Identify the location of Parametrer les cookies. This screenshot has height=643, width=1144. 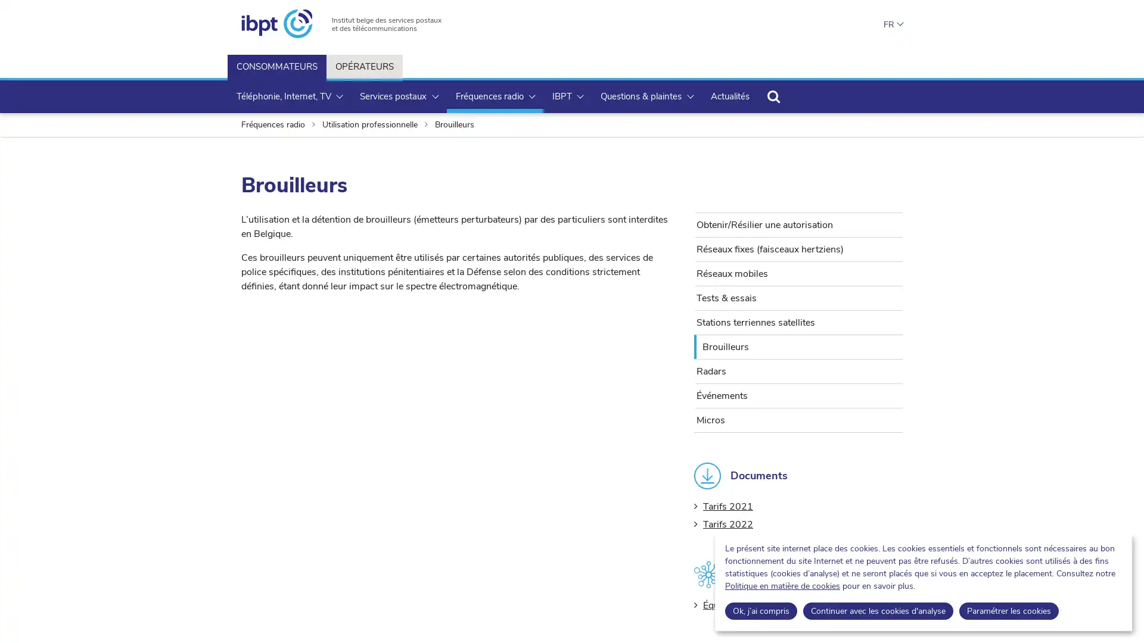
(1008, 611).